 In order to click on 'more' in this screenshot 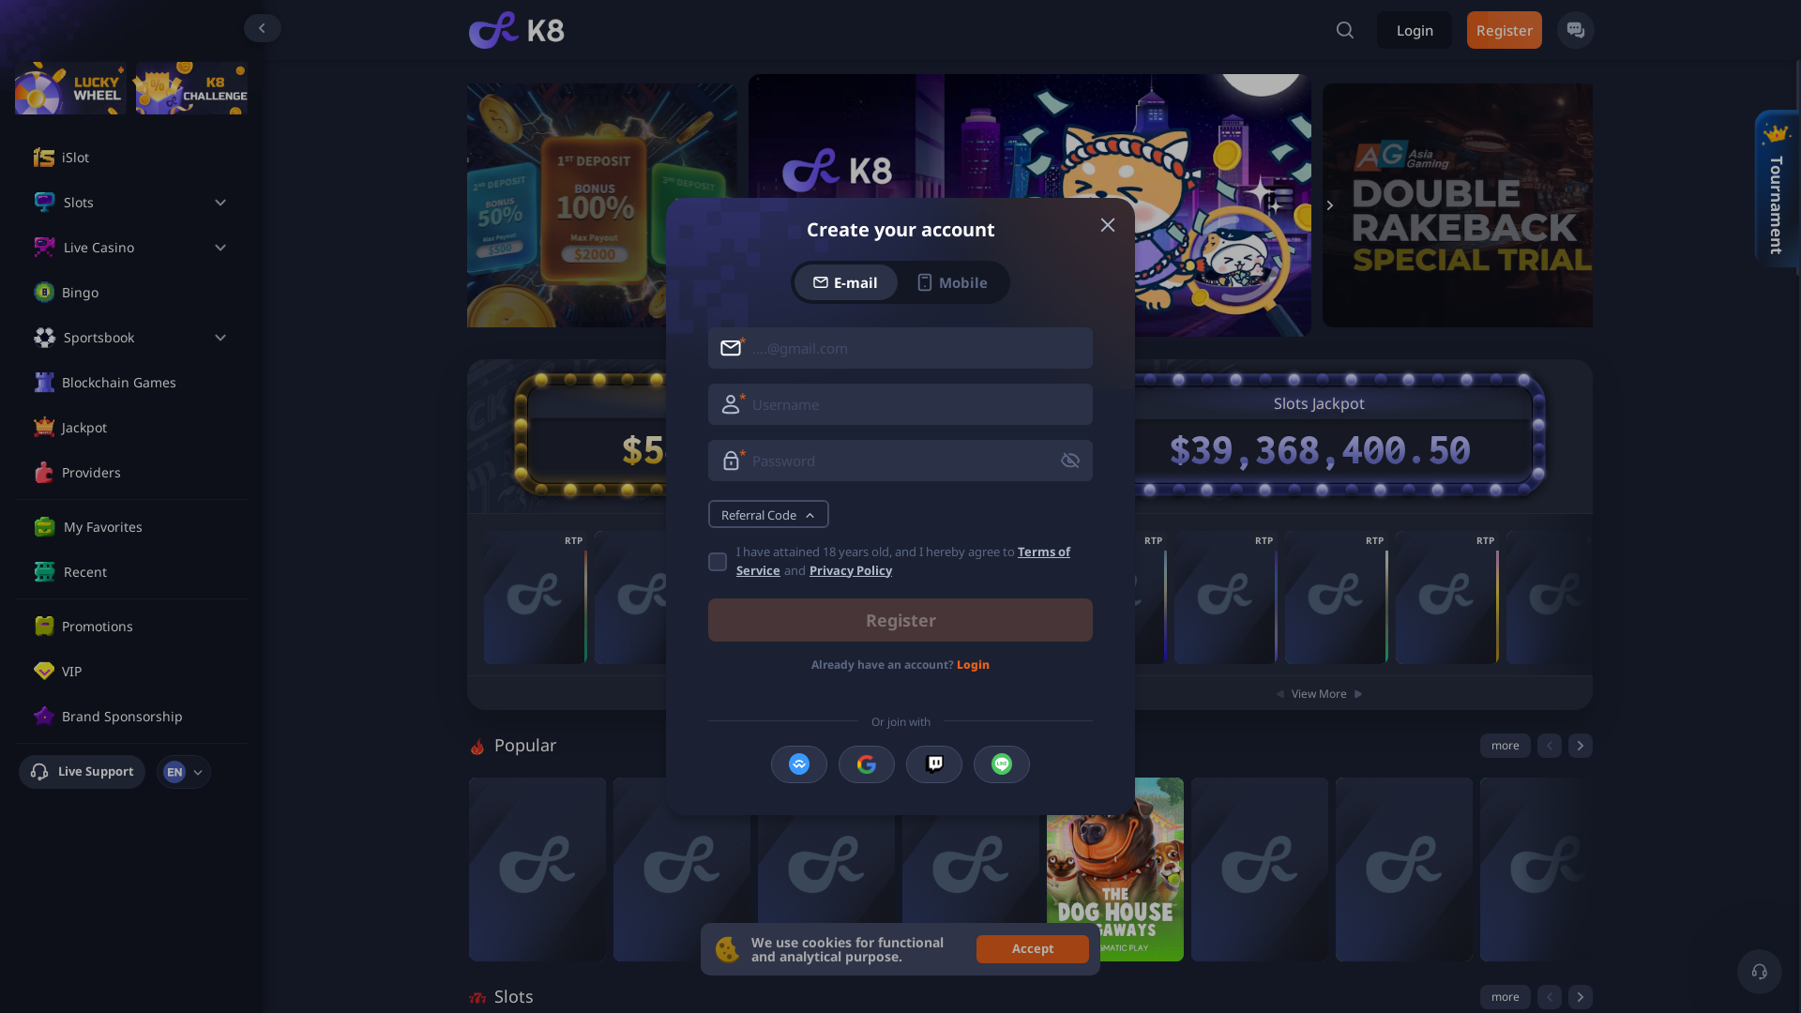, I will do `click(1505, 744)`.